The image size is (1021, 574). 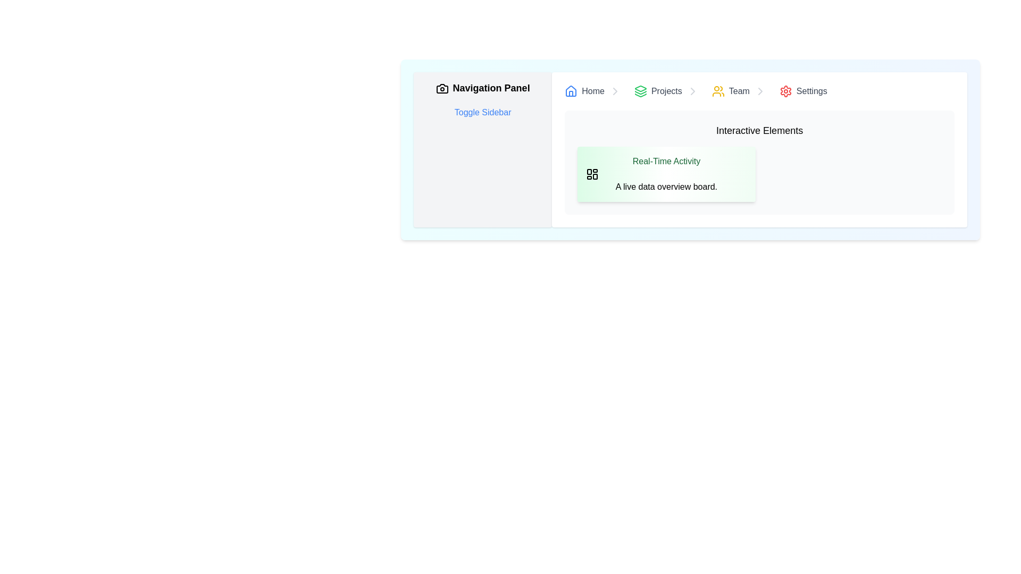 I want to click on the 'Projects' link in the breadcrumb navigation bar, which is styled with a standard font and accompanied by a green layered shapes icon, so click(x=657, y=91).